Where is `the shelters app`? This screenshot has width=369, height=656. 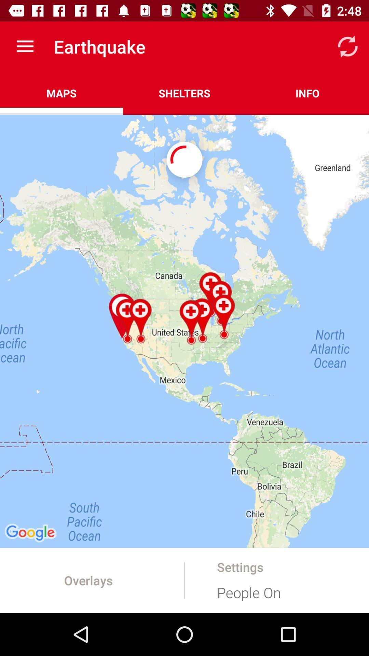 the shelters app is located at coordinates (184, 93).